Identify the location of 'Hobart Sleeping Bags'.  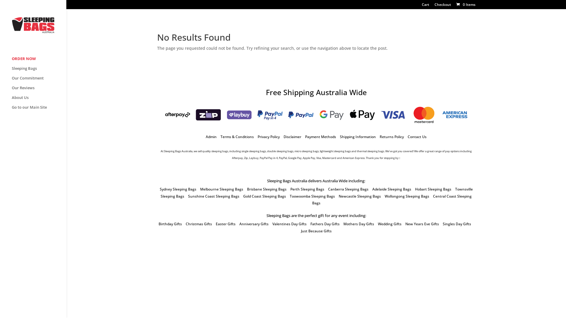
(414, 189).